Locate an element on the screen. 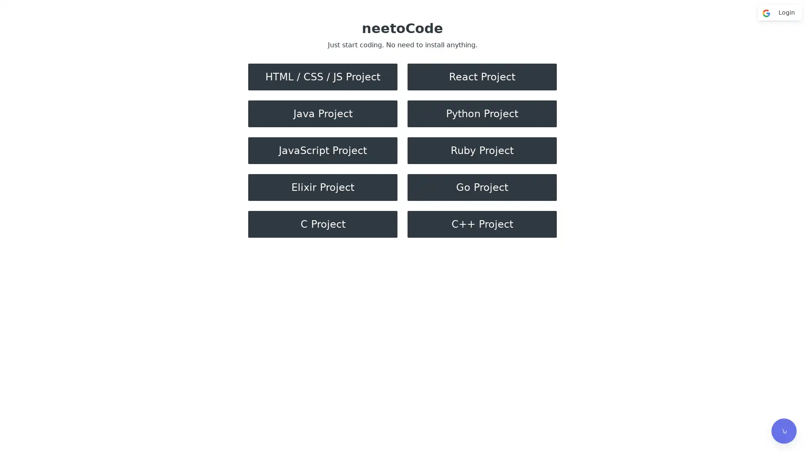 The height and width of the screenshot is (452, 805). Python Project is located at coordinates (482, 114).